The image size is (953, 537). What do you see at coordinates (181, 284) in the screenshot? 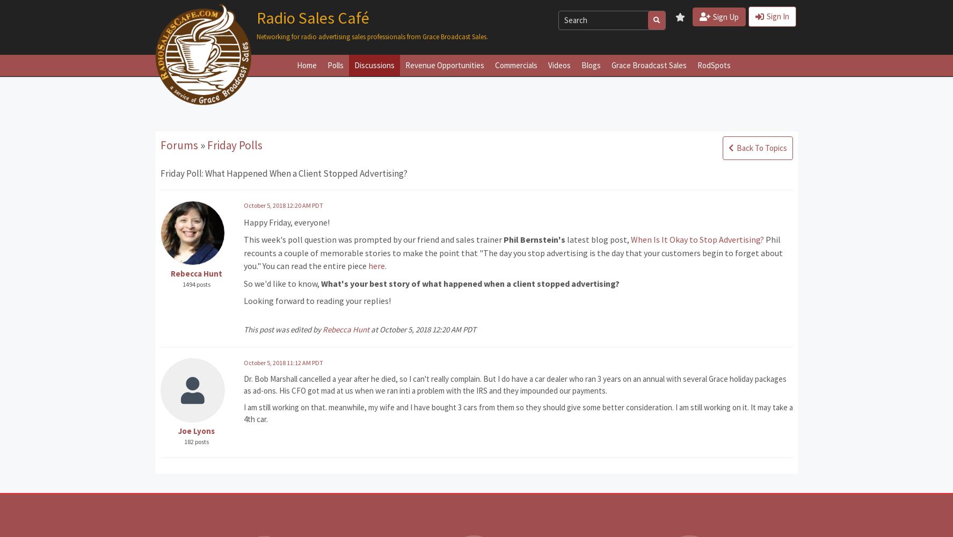
I see `'1494                  posts'` at bounding box center [181, 284].